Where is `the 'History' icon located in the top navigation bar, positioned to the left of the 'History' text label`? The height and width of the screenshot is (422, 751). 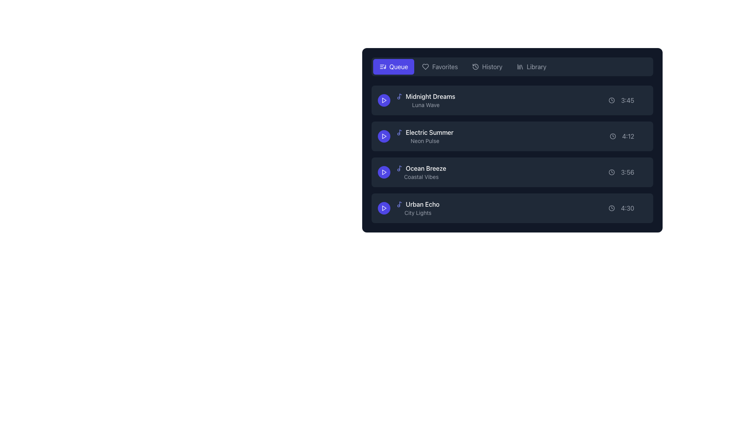
the 'History' icon located in the top navigation bar, positioned to the left of the 'History' text label is located at coordinates (475, 66).